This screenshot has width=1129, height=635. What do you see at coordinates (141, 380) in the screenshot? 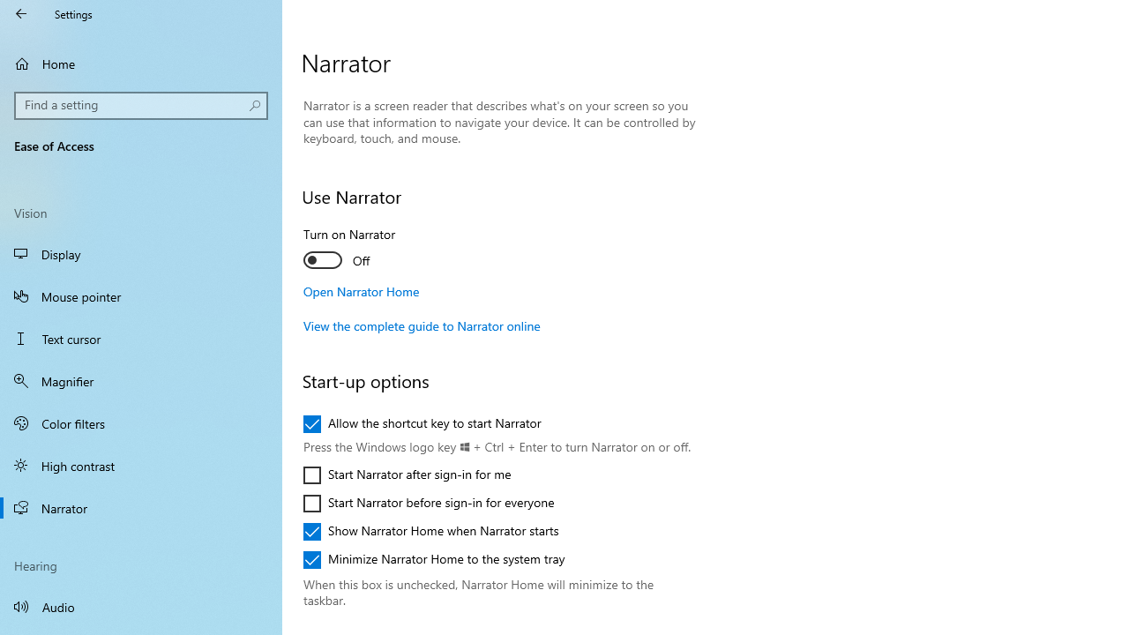
I see `'Magnifier'` at bounding box center [141, 380].